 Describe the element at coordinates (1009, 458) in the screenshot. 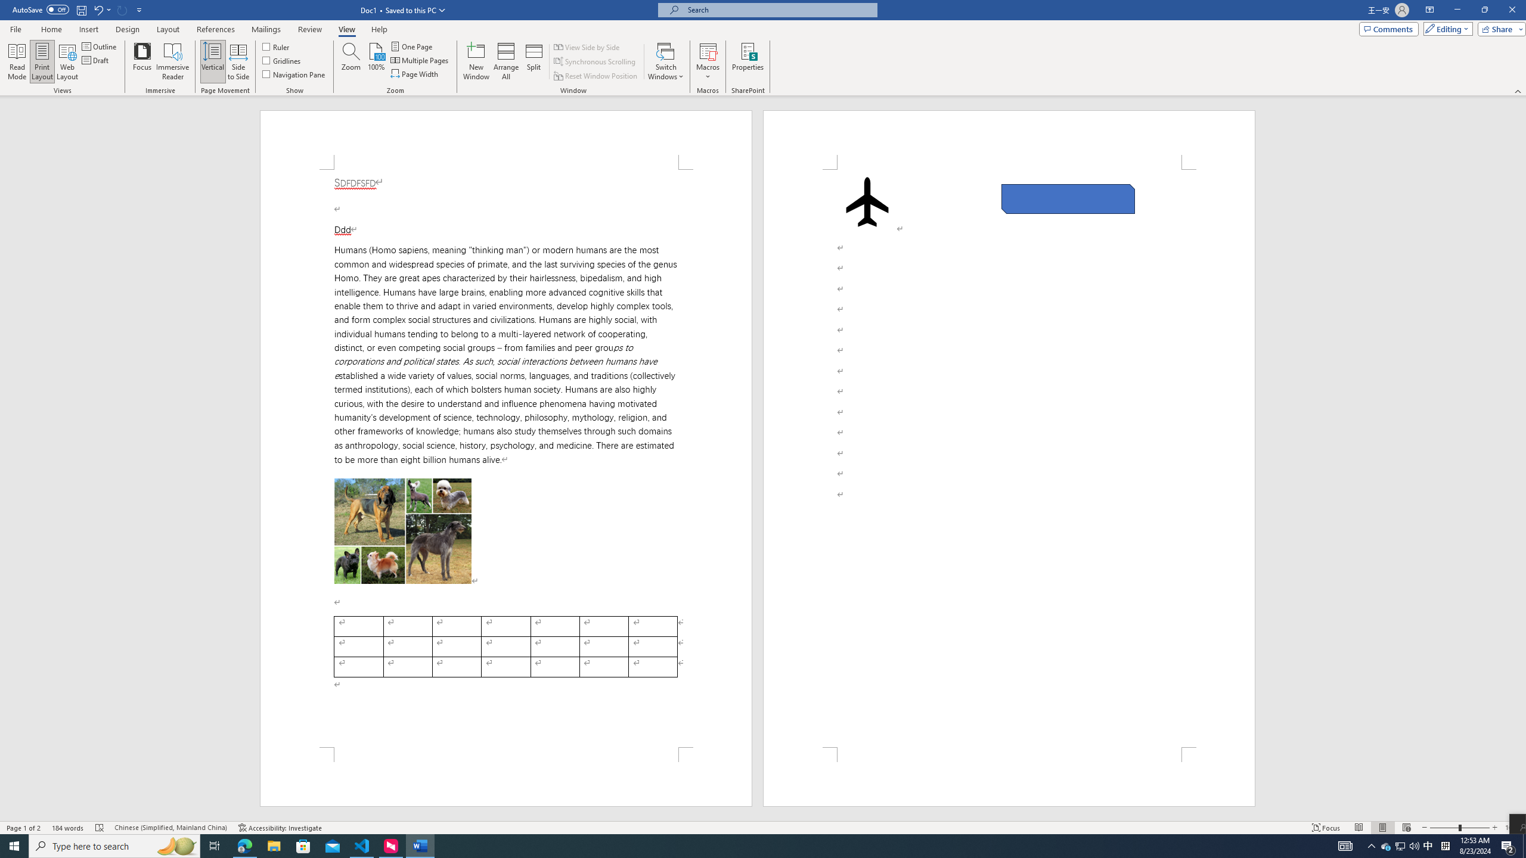

I see `'Page 2 content'` at that location.